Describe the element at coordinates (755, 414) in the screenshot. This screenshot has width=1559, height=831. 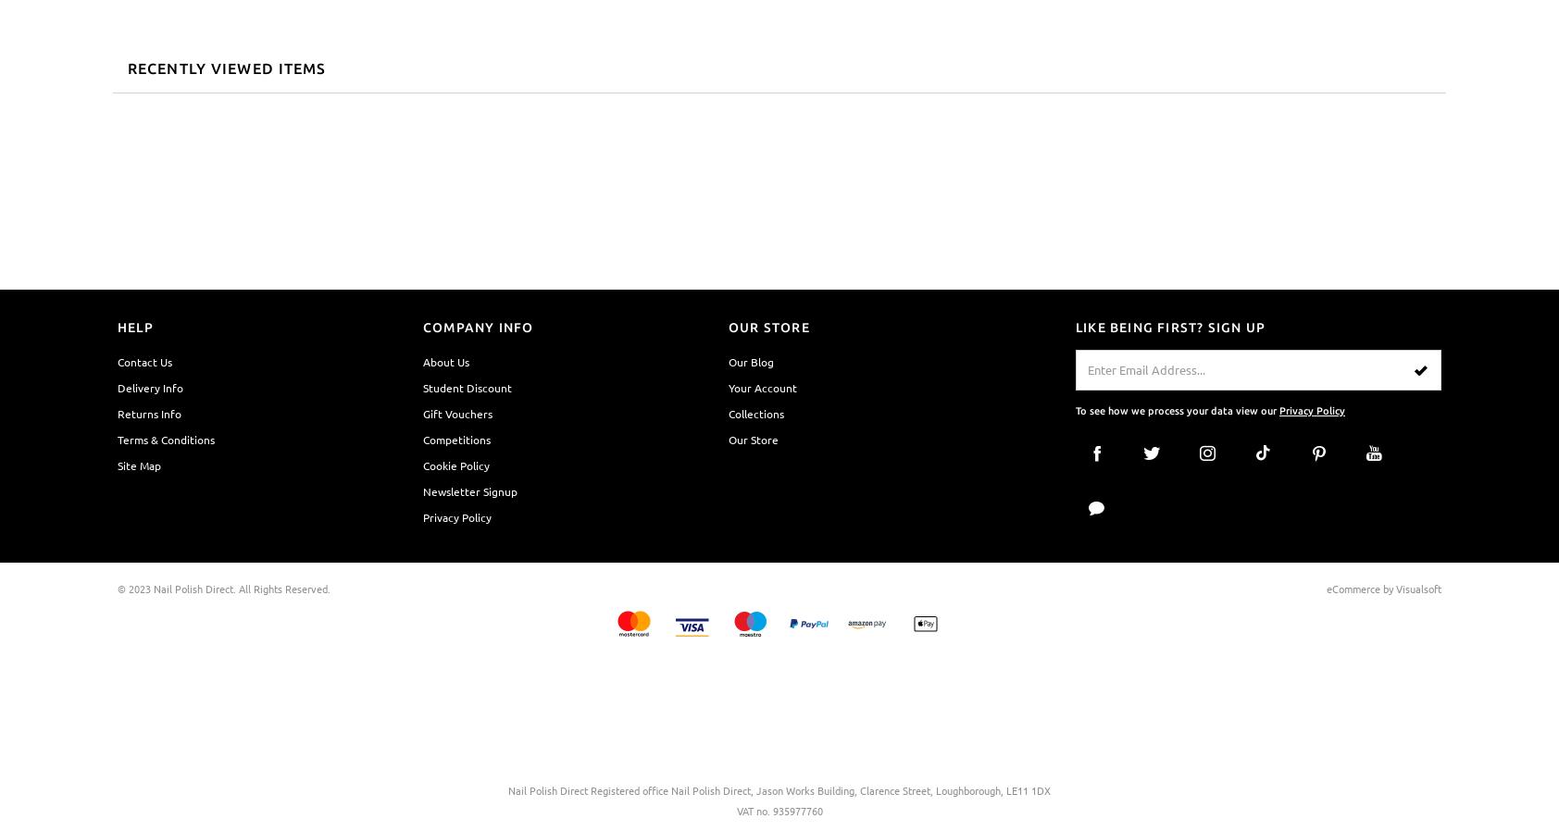
I see `'Collections'` at that location.